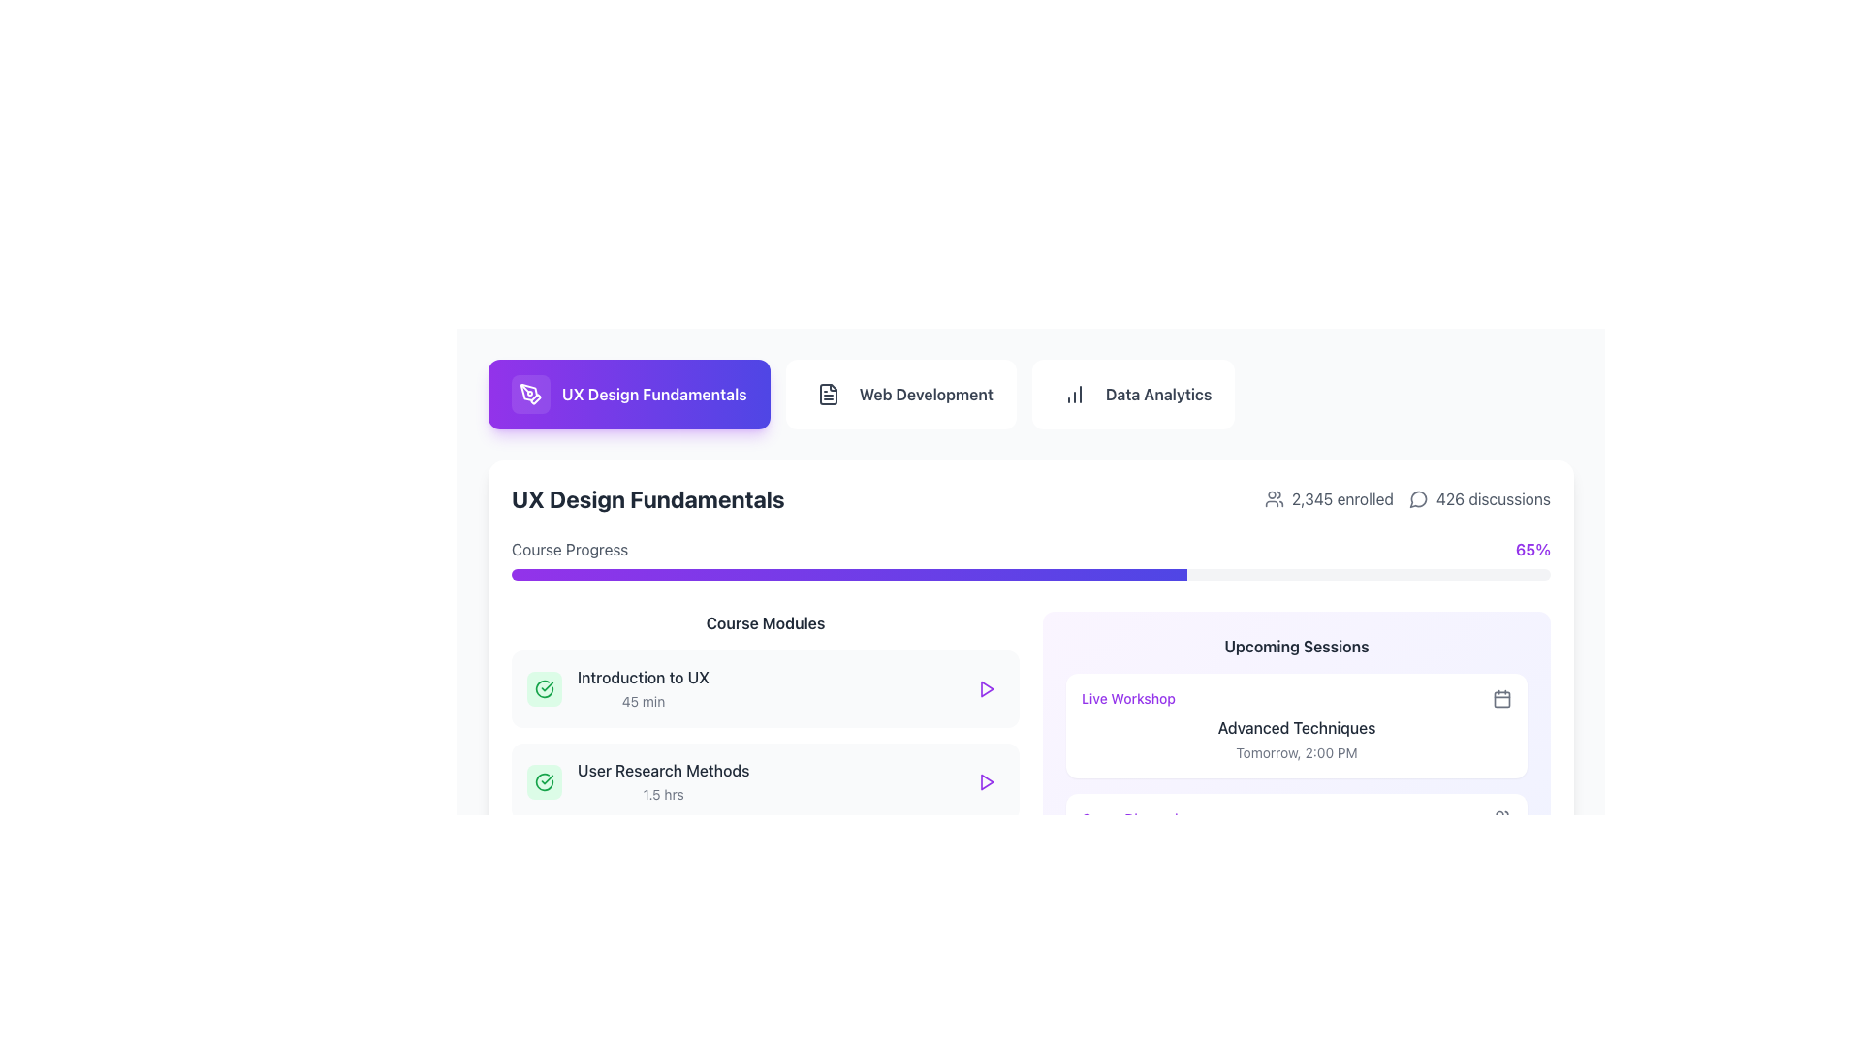 The width and height of the screenshot is (1861, 1047). What do you see at coordinates (1531, 550) in the screenshot?
I see `the static text display showing '65%' in bold purple font located at the top-right corner of the main progress section` at bounding box center [1531, 550].